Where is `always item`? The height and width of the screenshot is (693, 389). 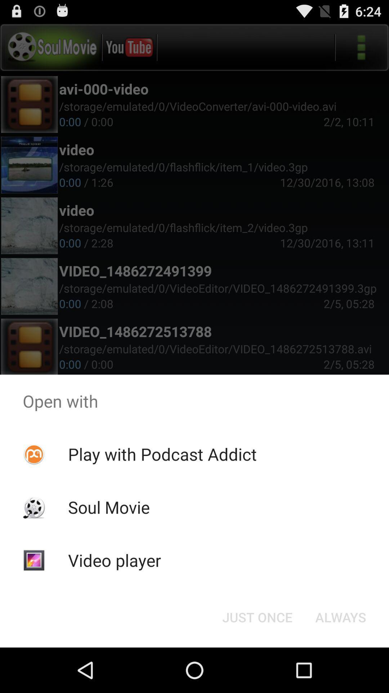
always item is located at coordinates (340, 616).